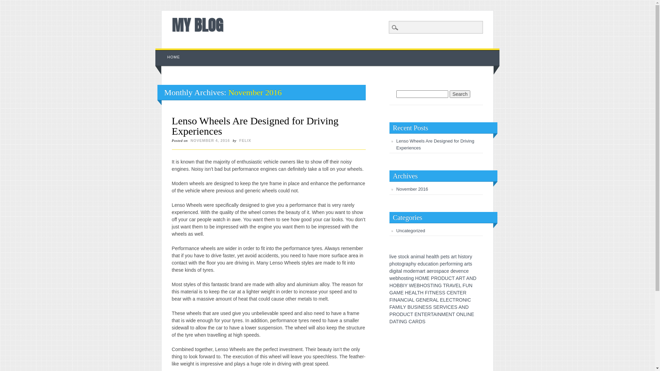 The width and height of the screenshot is (660, 371). Describe the element at coordinates (406, 293) in the screenshot. I see `'H'` at that location.